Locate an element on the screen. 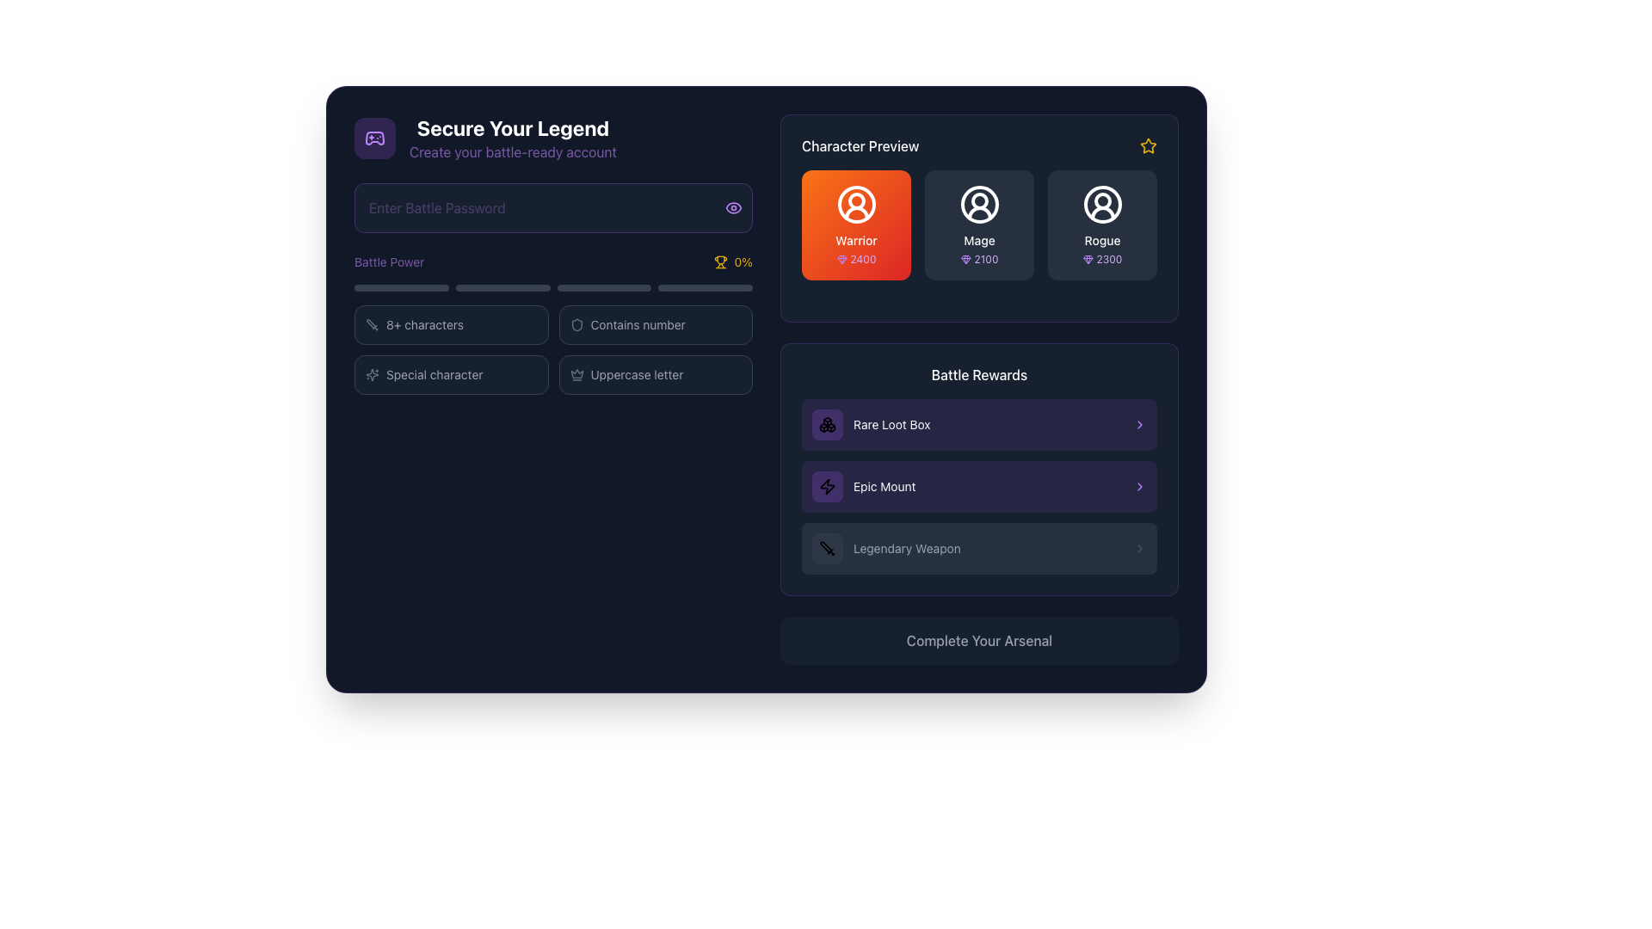 The width and height of the screenshot is (1652, 929). the 'Epic Mount' reward option, which is the second item in the list of battle rewards is located at coordinates (863, 487).